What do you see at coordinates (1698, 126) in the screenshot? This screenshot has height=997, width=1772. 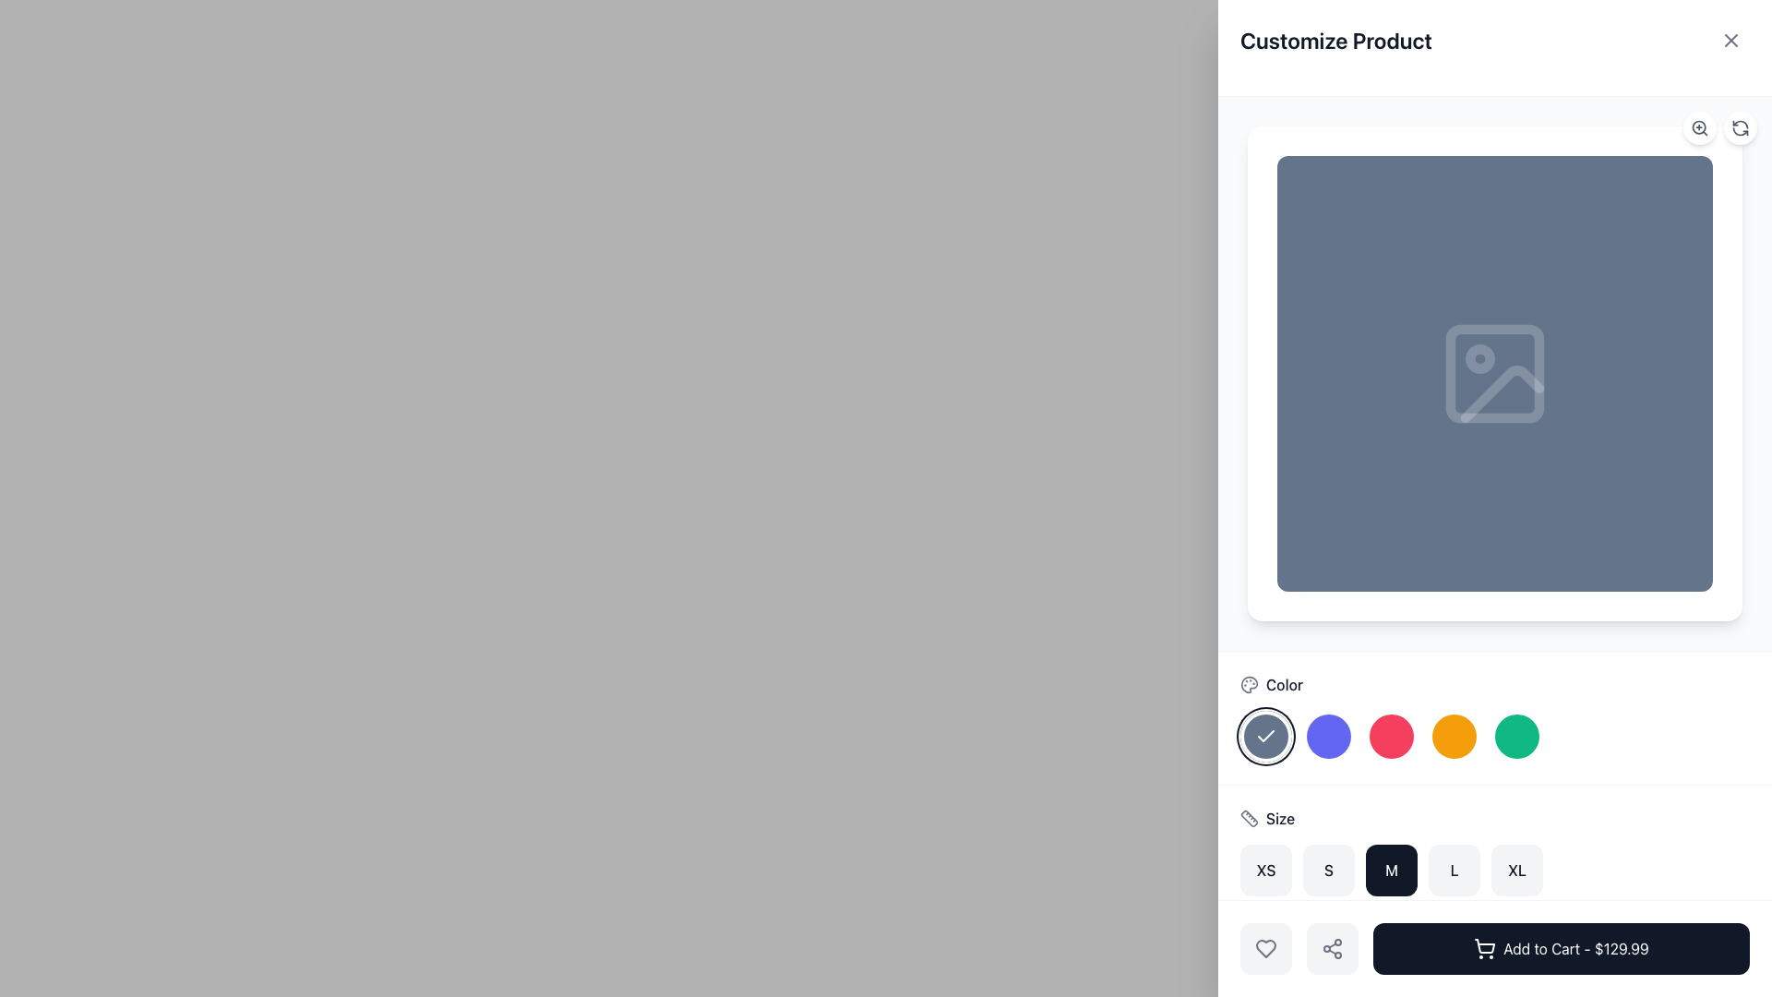 I see `the central circular component of the magnifying glass icon located at the top-right of the customization interface, adjacent to the image preview area` at bounding box center [1698, 126].